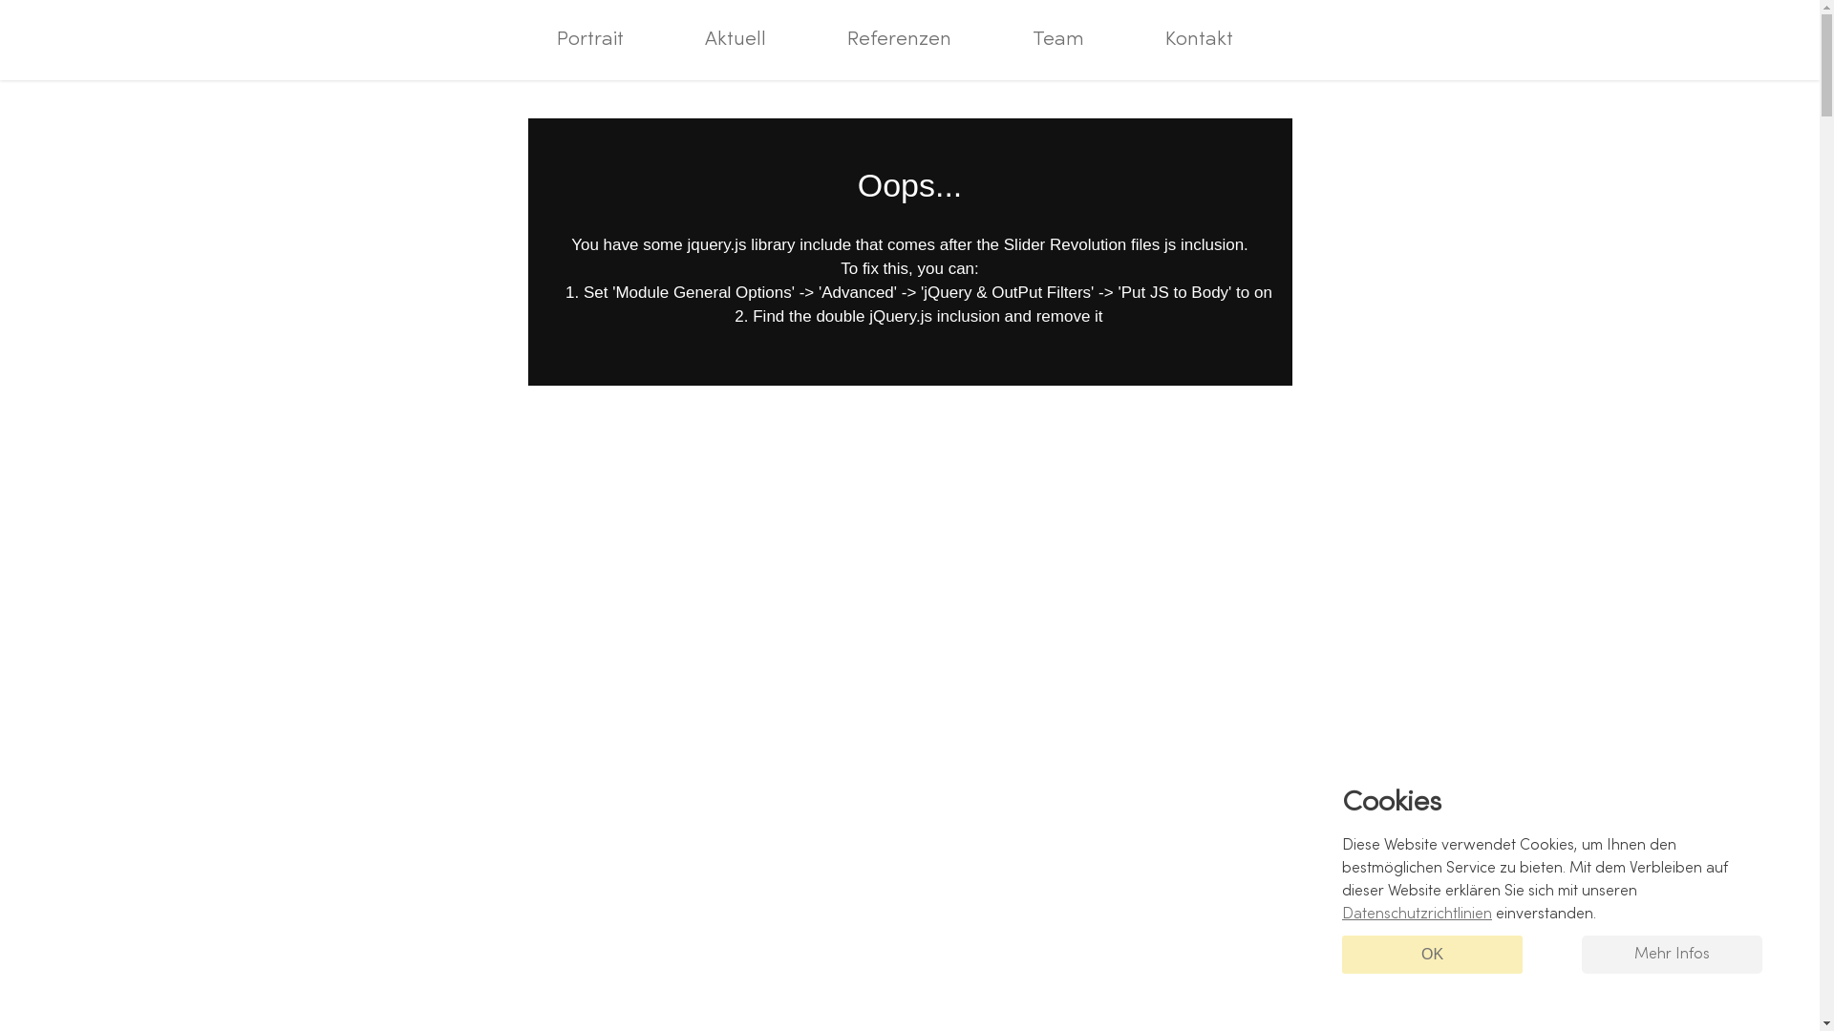  Describe the element at coordinates (589, 40) in the screenshot. I see `'Portrait'` at that location.